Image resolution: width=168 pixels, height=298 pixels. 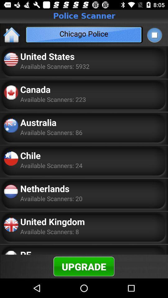 I want to click on stop, so click(x=154, y=35).